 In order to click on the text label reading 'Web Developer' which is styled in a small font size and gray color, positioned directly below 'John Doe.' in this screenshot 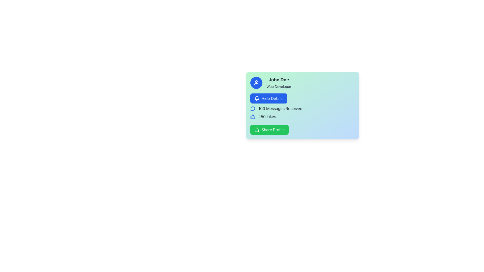, I will do `click(279, 86)`.